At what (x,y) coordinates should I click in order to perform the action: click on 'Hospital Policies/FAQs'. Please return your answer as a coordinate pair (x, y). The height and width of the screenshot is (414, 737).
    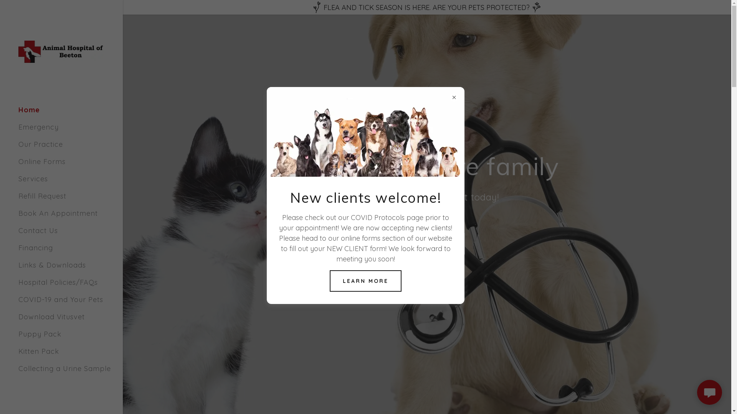
    Looking at the image, I should click on (58, 282).